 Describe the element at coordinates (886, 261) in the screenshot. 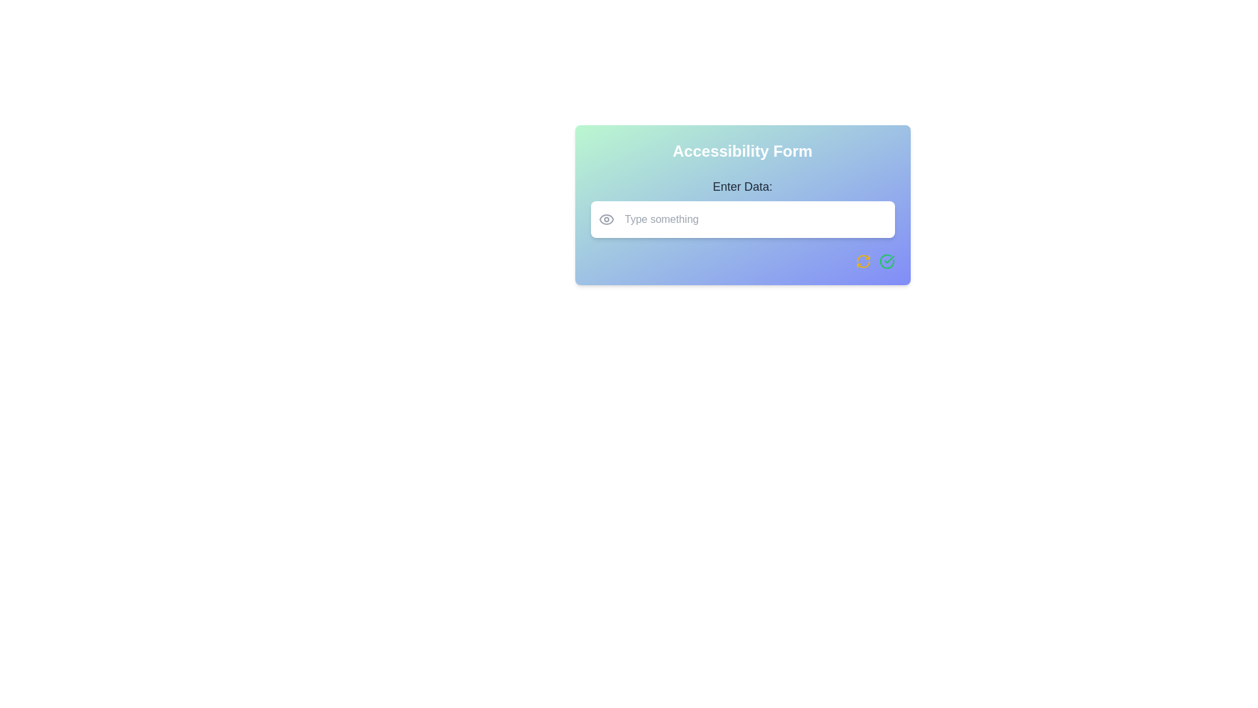

I see `the circular icon with a green border and checkmark, located at the bottom right corner of the gradient card` at that location.